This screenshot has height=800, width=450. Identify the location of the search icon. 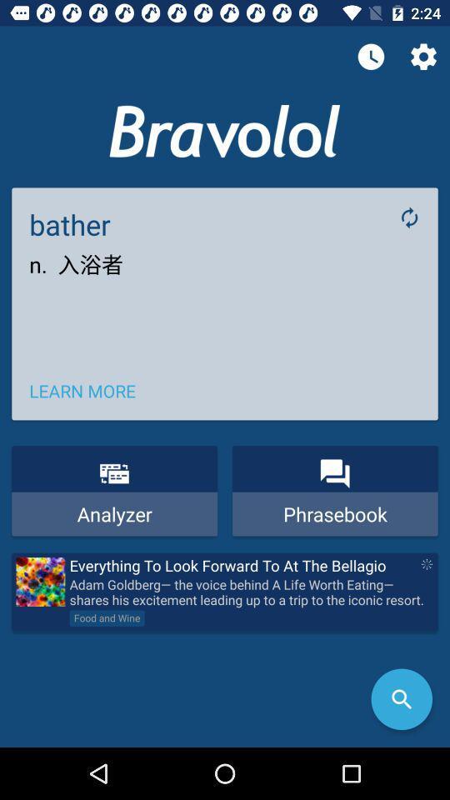
(401, 699).